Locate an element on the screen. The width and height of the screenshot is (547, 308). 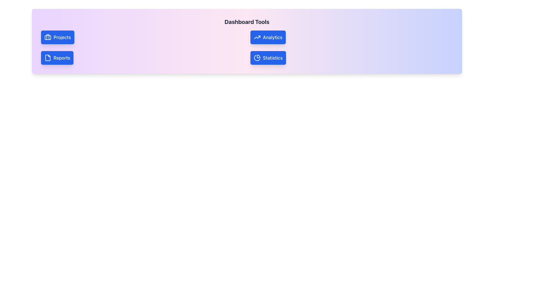
the button labeled 'Analytics' which contains the text 'Analytics' styled in white within a blue rounded button, located in the upper-right position among similar buttons in the 'Dashboard Tools' interface is located at coordinates (272, 37).